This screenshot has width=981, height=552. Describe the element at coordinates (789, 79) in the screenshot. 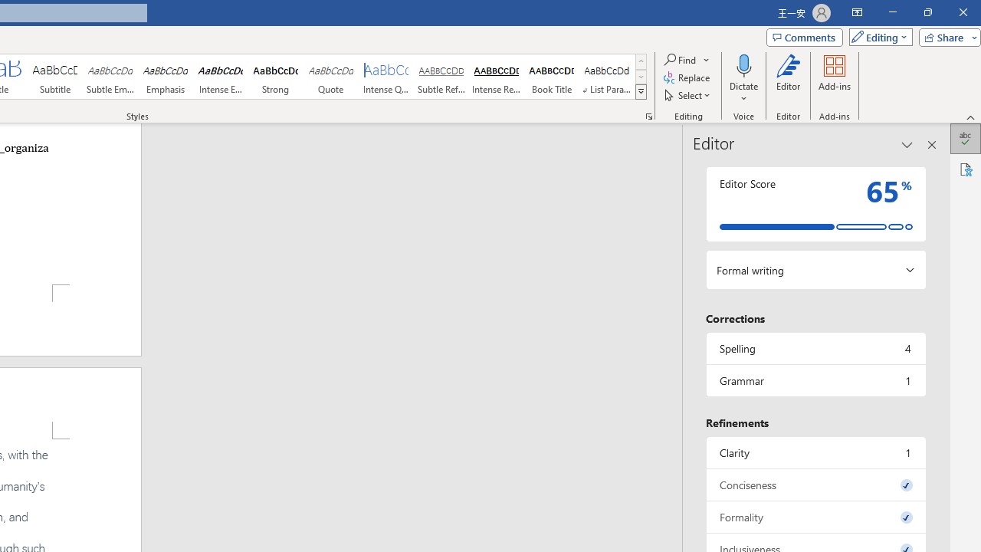

I see `'Editor'` at that location.